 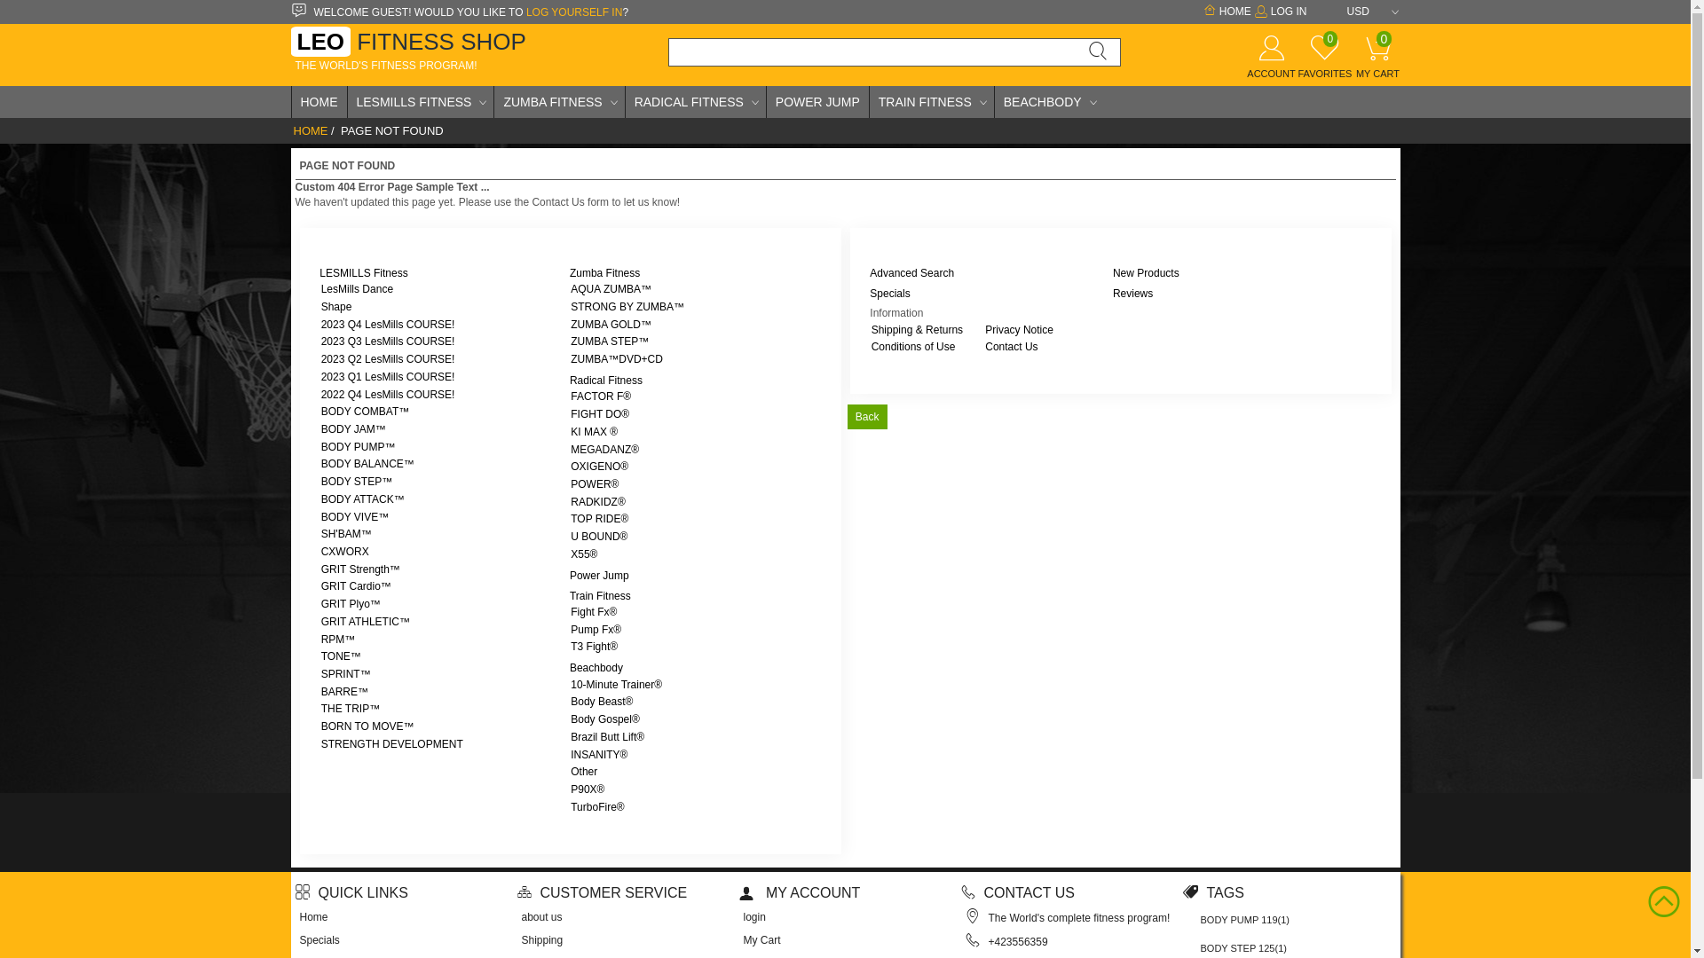 I want to click on 'TRAIN FITNESS', so click(x=931, y=102).